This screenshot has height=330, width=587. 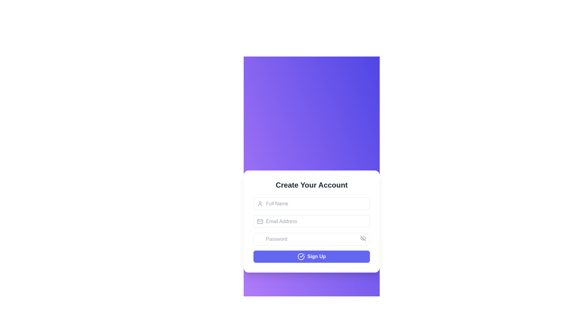 What do you see at coordinates (260, 221) in the screenshot?
I see `the email address icon, which is located inside the text input field for 'Email Address', towards the left side` at bounding box center [260, 221].